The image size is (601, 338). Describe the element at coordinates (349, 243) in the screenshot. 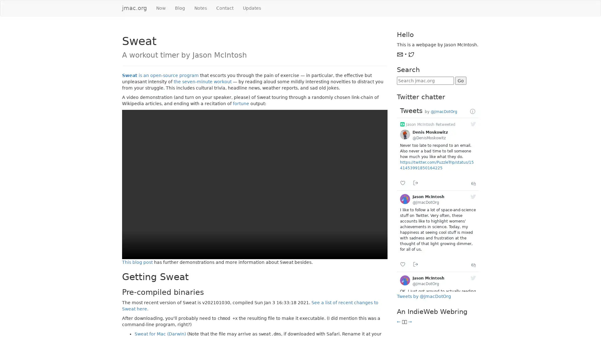

I see `mute` at that location.